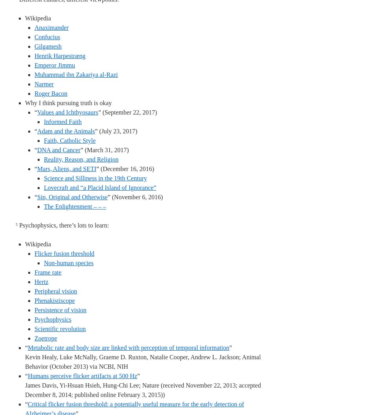 The height and width of the screenshot is (415, 384). I want to click on 'Lovecraft and “a Placid Island of Ignorance”', so click(100, 187).